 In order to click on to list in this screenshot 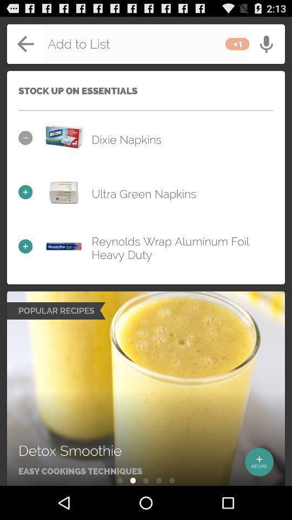, I will do `click(146, 44)`.